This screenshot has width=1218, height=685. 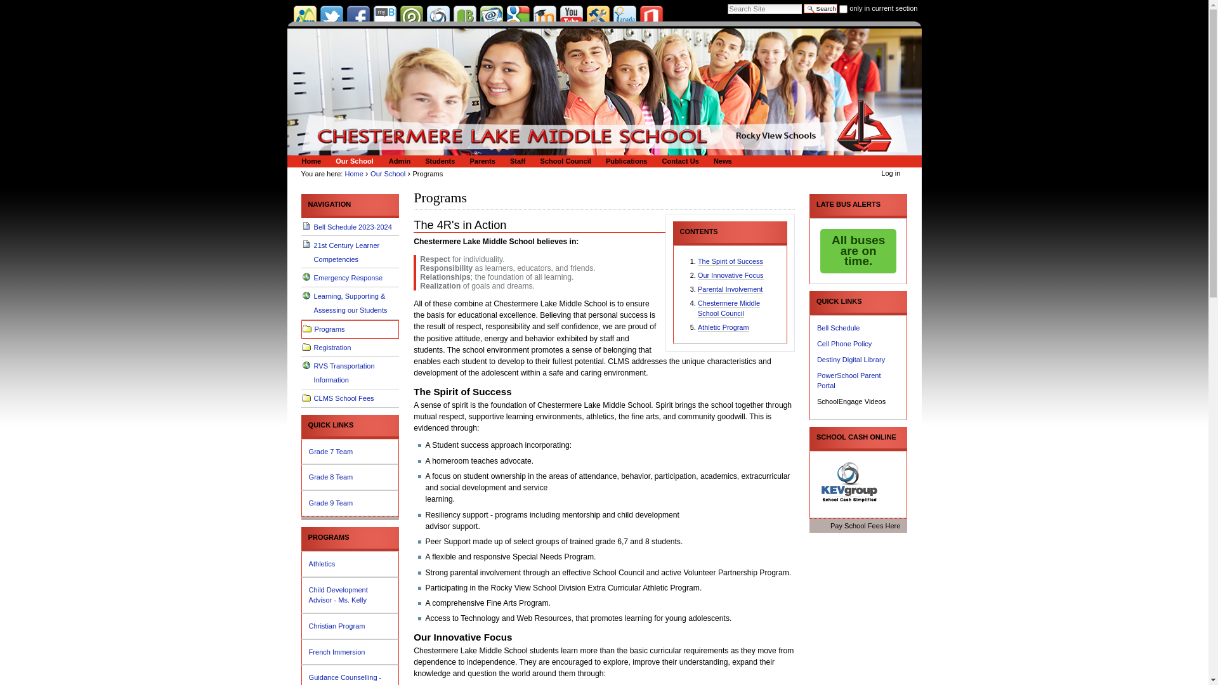 I want to click on 'Google', so click(x=505, y=16).